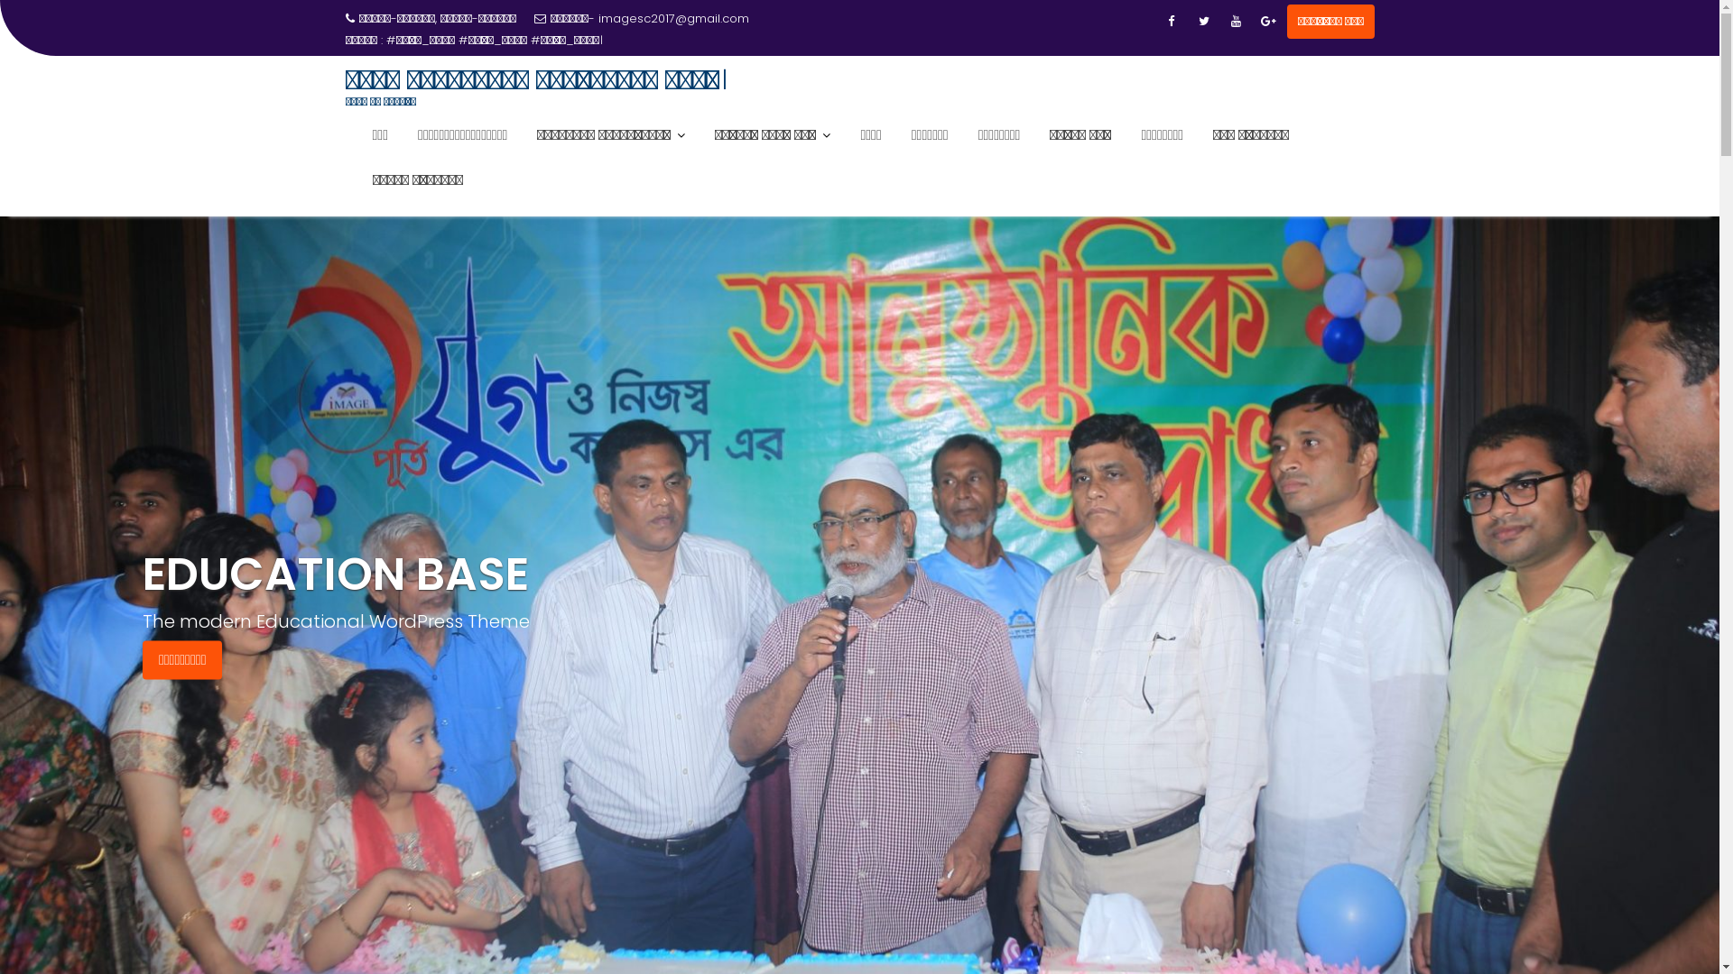 The width and height of the screenshot is (1733, 974). I want to click on 'Facebook', so click(1171, 21).